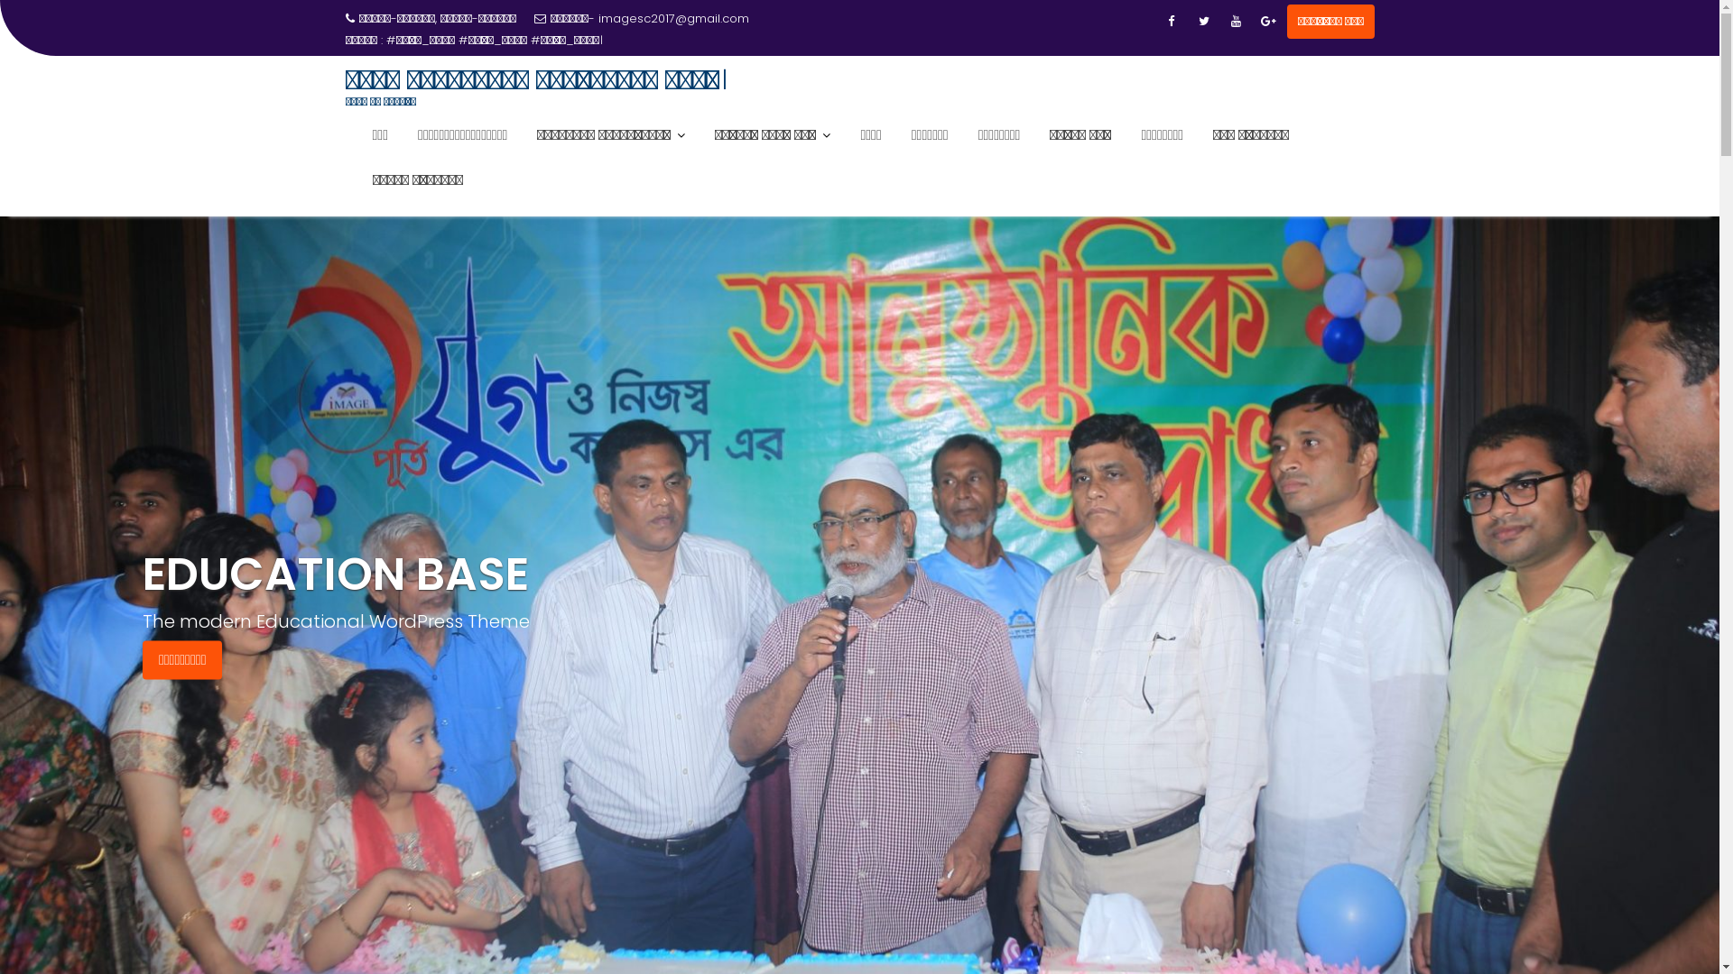 The width and height of the screenshot is (1733, 974). I want to click on 'Facebook', so click(1171, 21).